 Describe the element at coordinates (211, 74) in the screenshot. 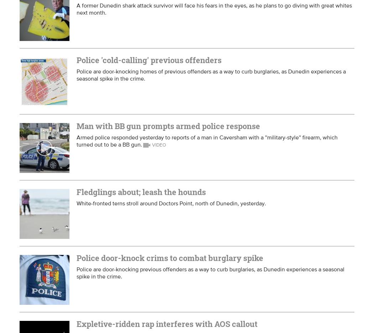

I see `'Police are door-knocking homes of previous offenders as a way to curb burglaries, as Dunedin experiences a seasonal spike in the crime.'` at that location.